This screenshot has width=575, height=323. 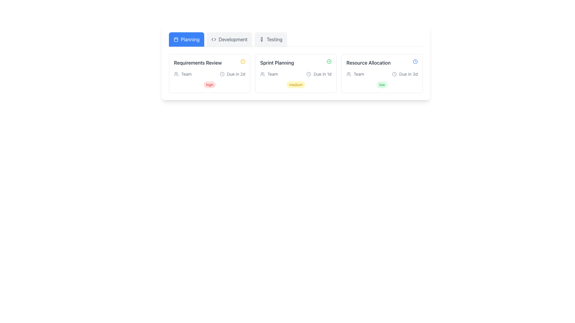 I want to click on the status of the yellow warning icon with an embedded exclamation mark, located at the right end of the 'Requirements Review' panel, so click(x=243, y=61).